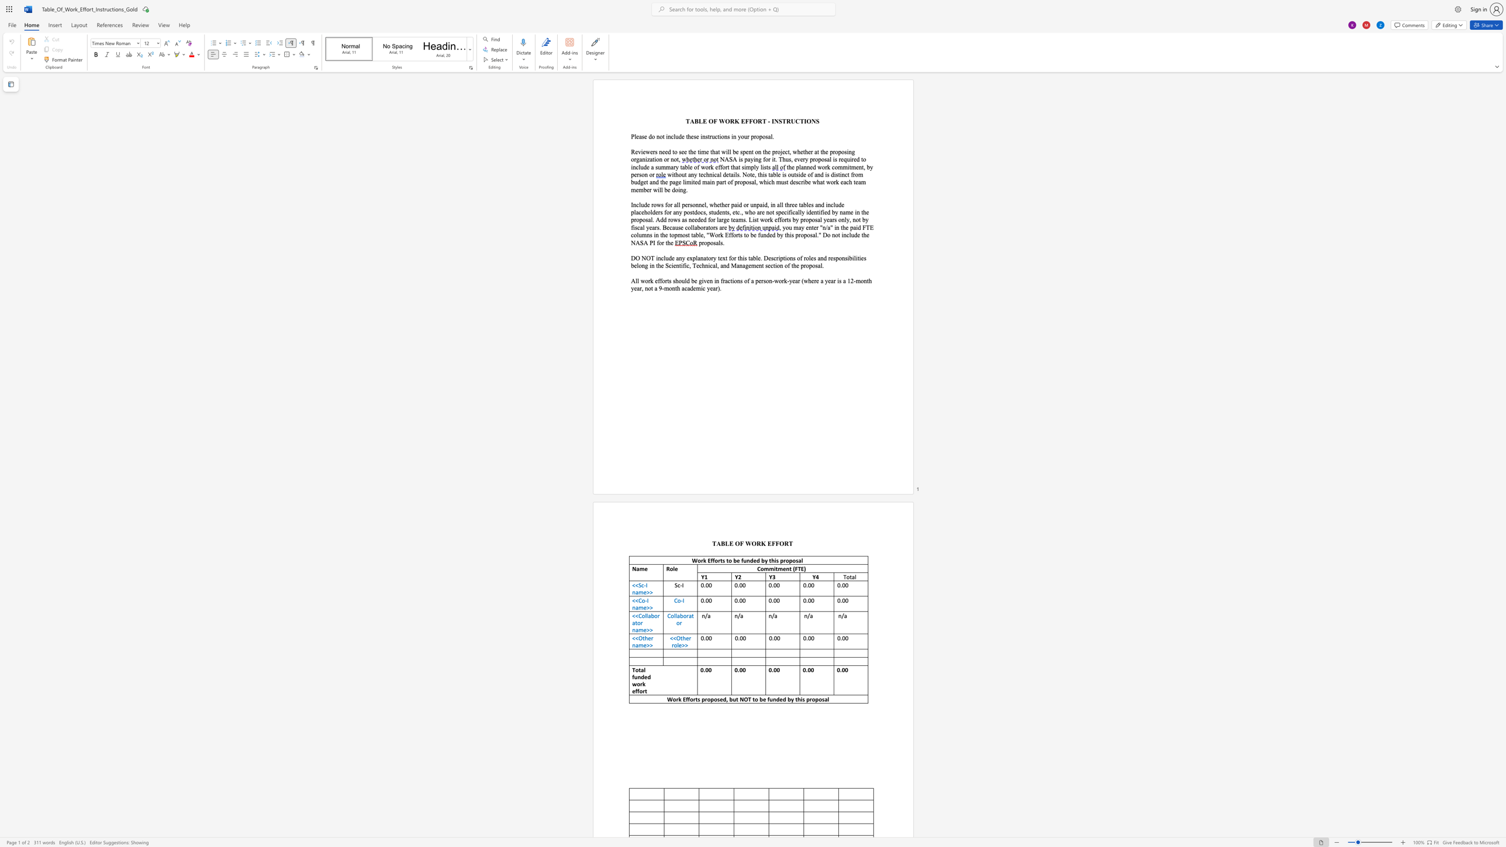  What do you see at coordinates (751, 205) in the screenshot?
I see `the 2th character "u" in the text` at bounding box center [751, 205].